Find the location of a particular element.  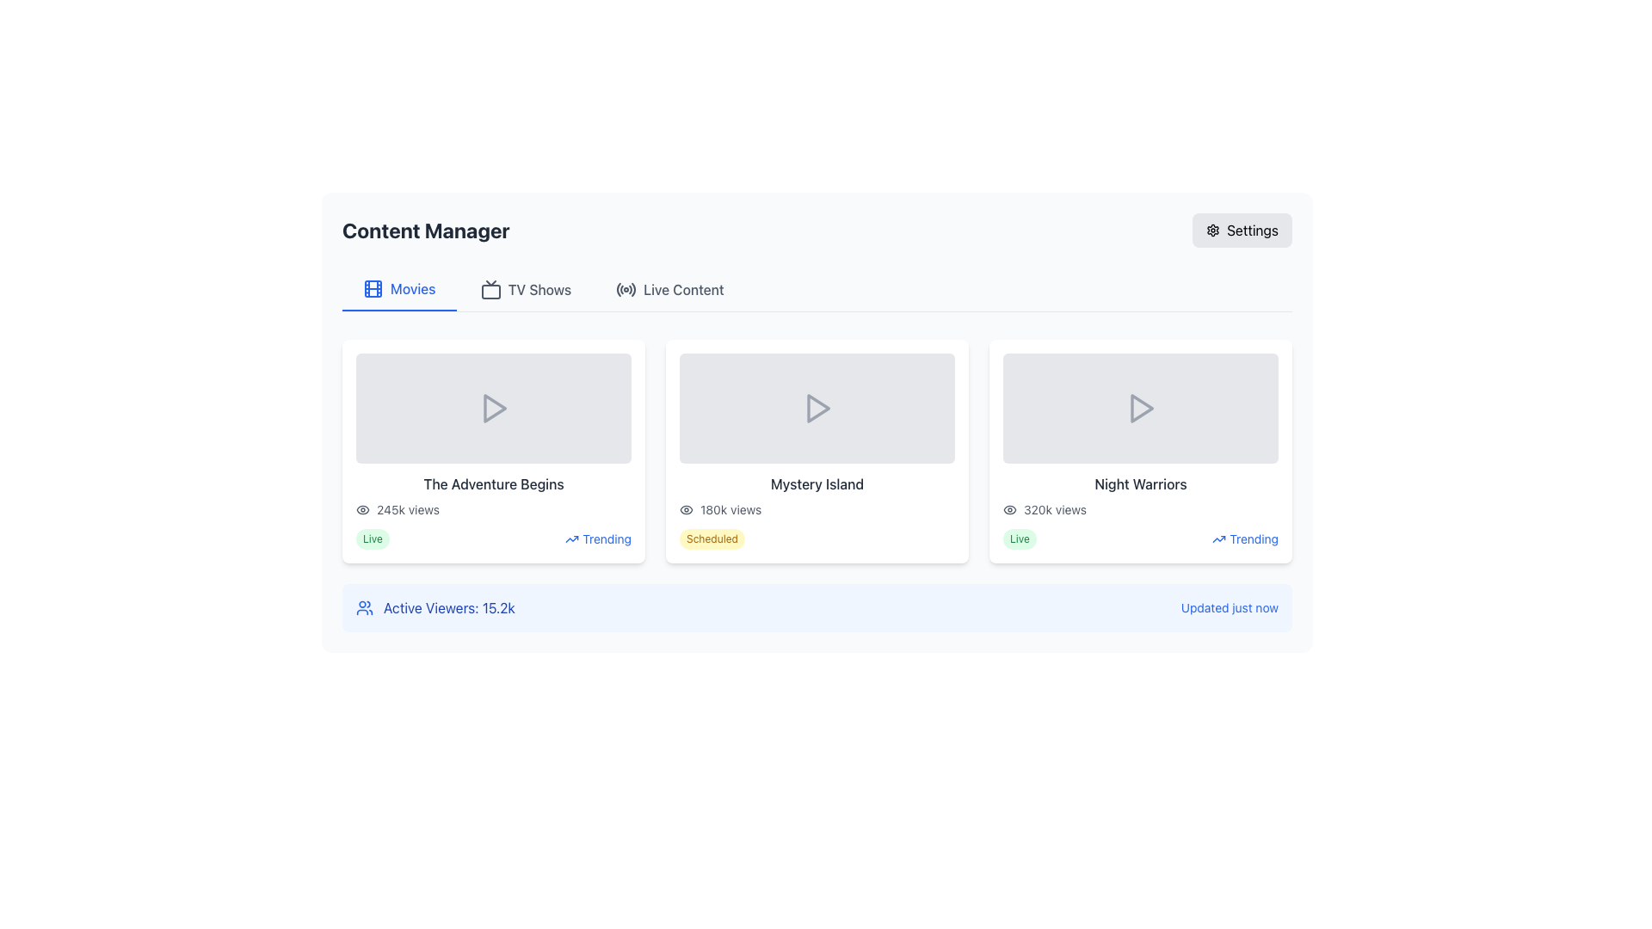

the play button icon located in the central panel of the 'Mystery Island' card, which is a triangular shape pointing to the right with a light gray outline is located at coordinates (817, 408).